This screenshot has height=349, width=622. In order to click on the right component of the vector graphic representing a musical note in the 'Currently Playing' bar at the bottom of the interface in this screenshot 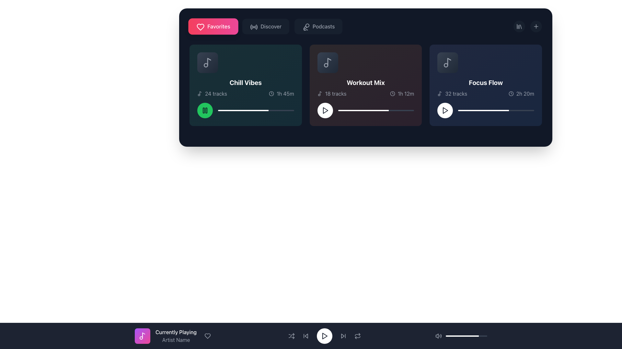, I will do `click(143, 335)`.